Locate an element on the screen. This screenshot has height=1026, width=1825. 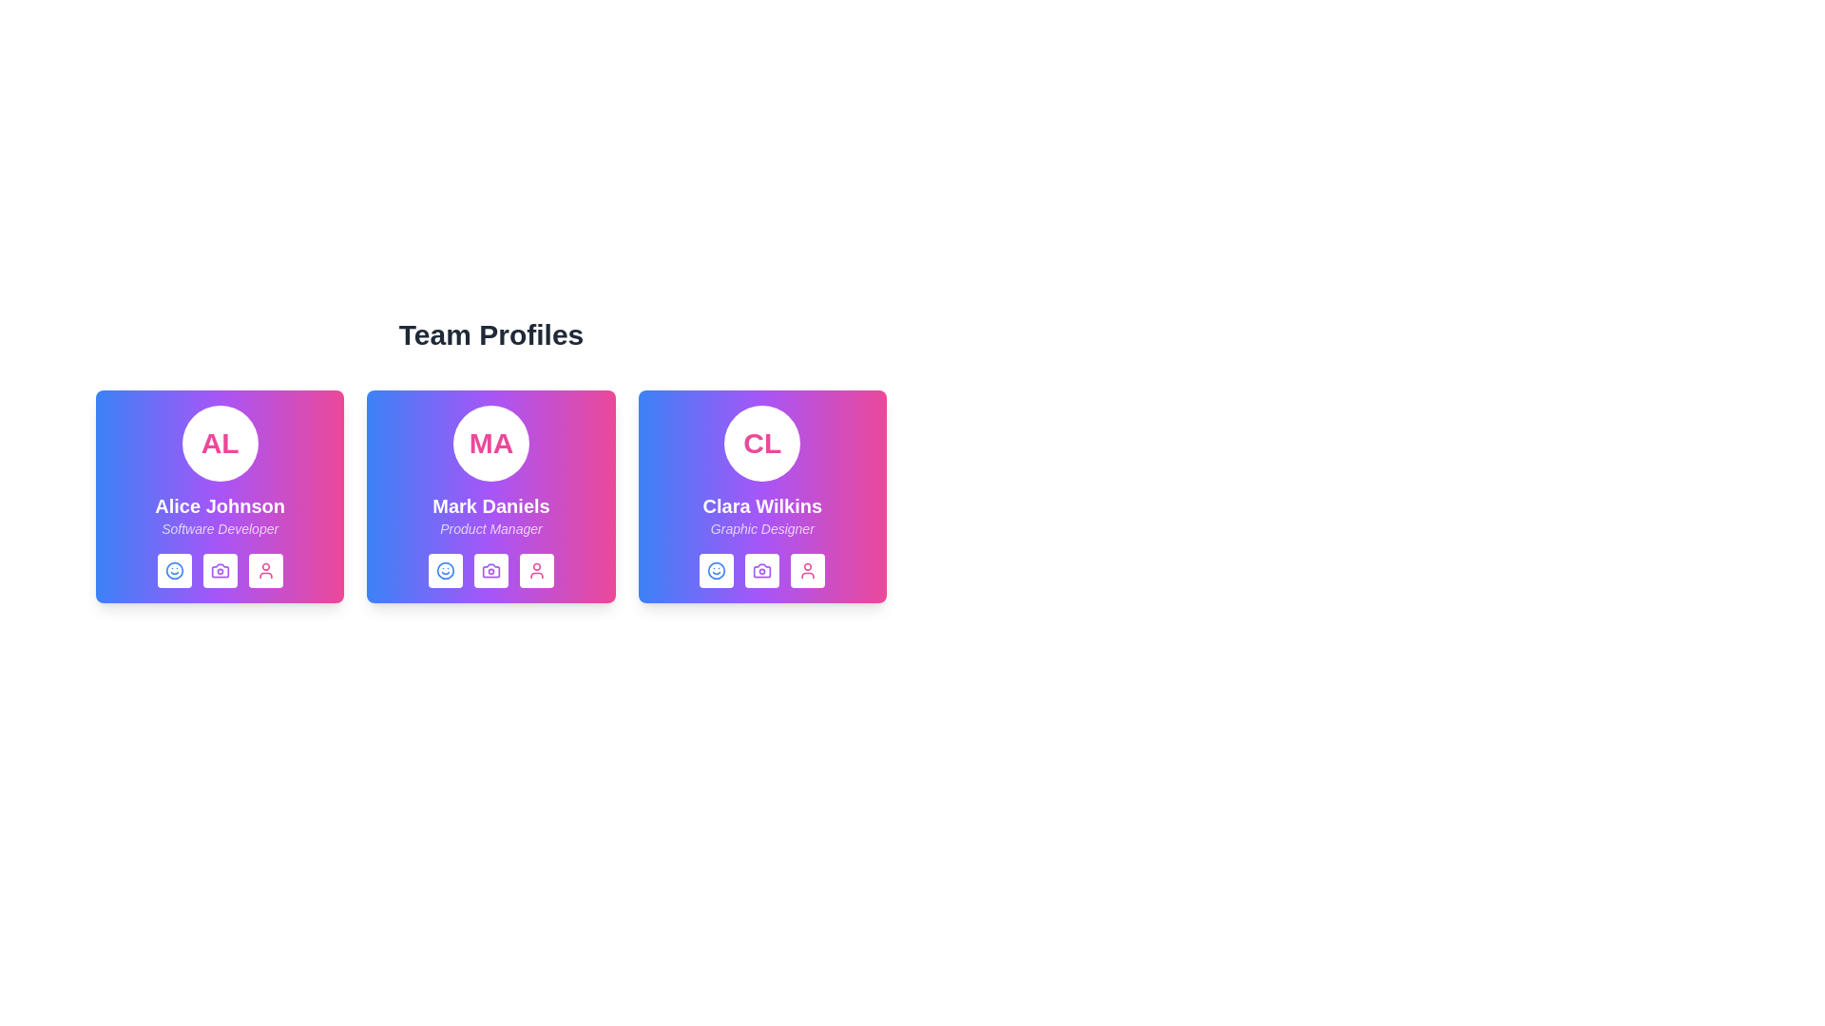
the first icon located at the bottom of the 'Clara Wilkins' profile card, which represents a cheerful or positive action is located at coordinates (716, 570).